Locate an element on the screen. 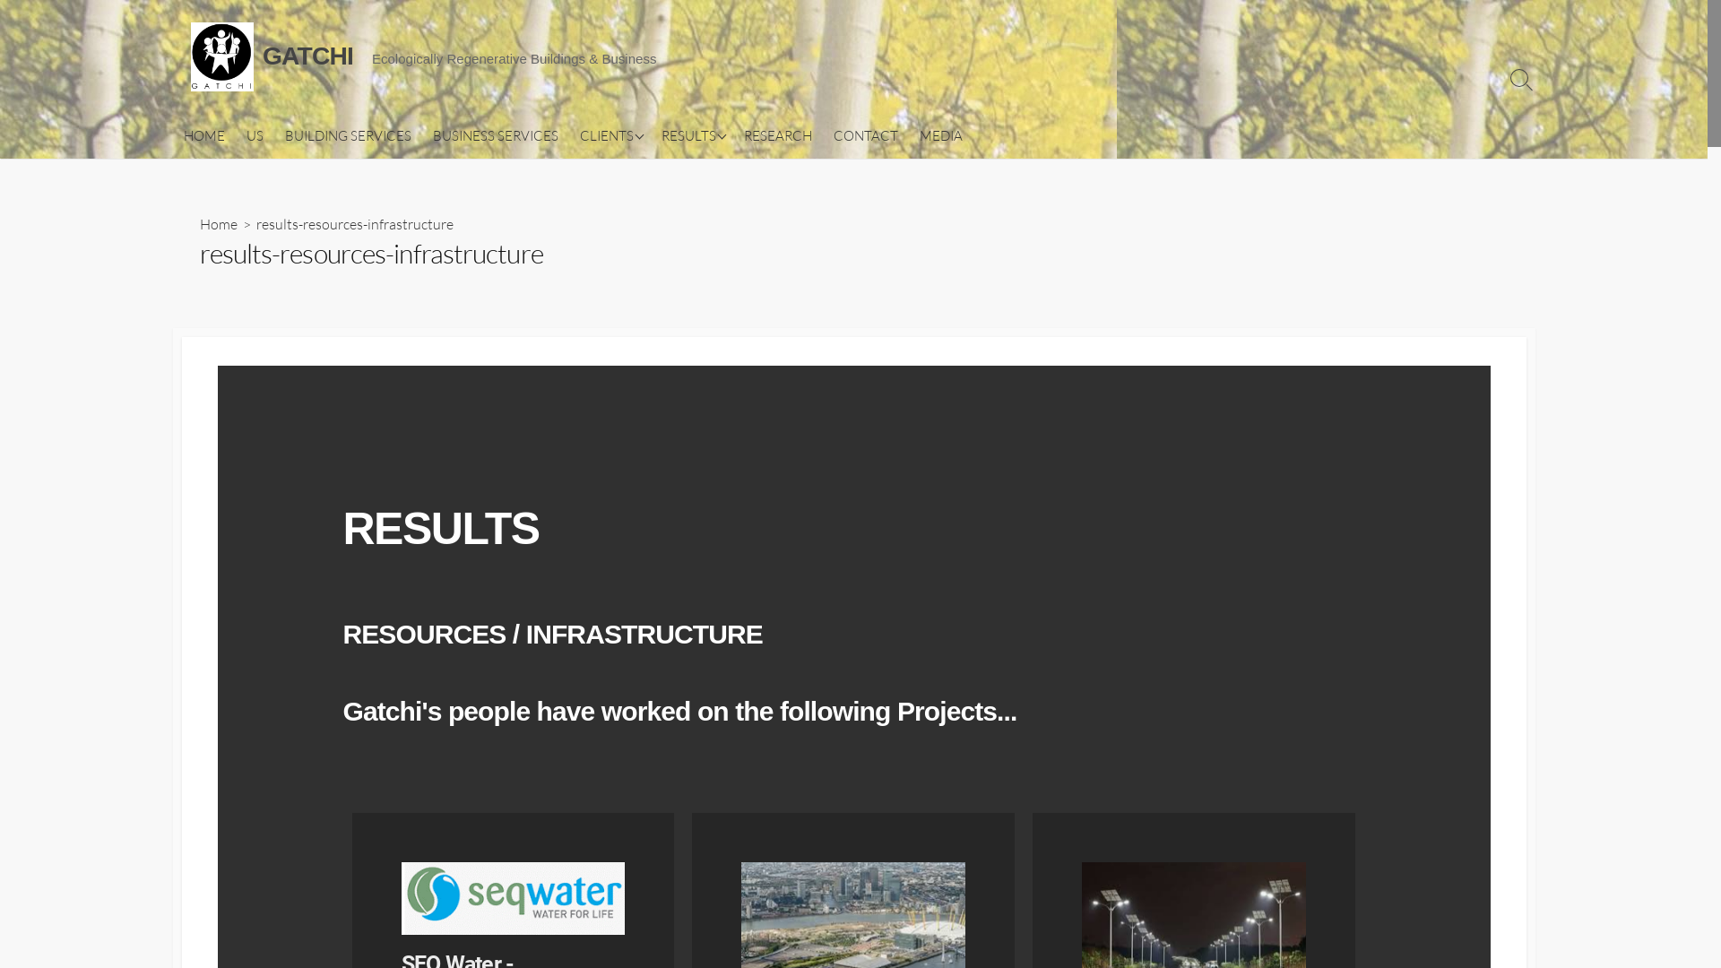  'MEDIA' is located at coordinates (940, 134).